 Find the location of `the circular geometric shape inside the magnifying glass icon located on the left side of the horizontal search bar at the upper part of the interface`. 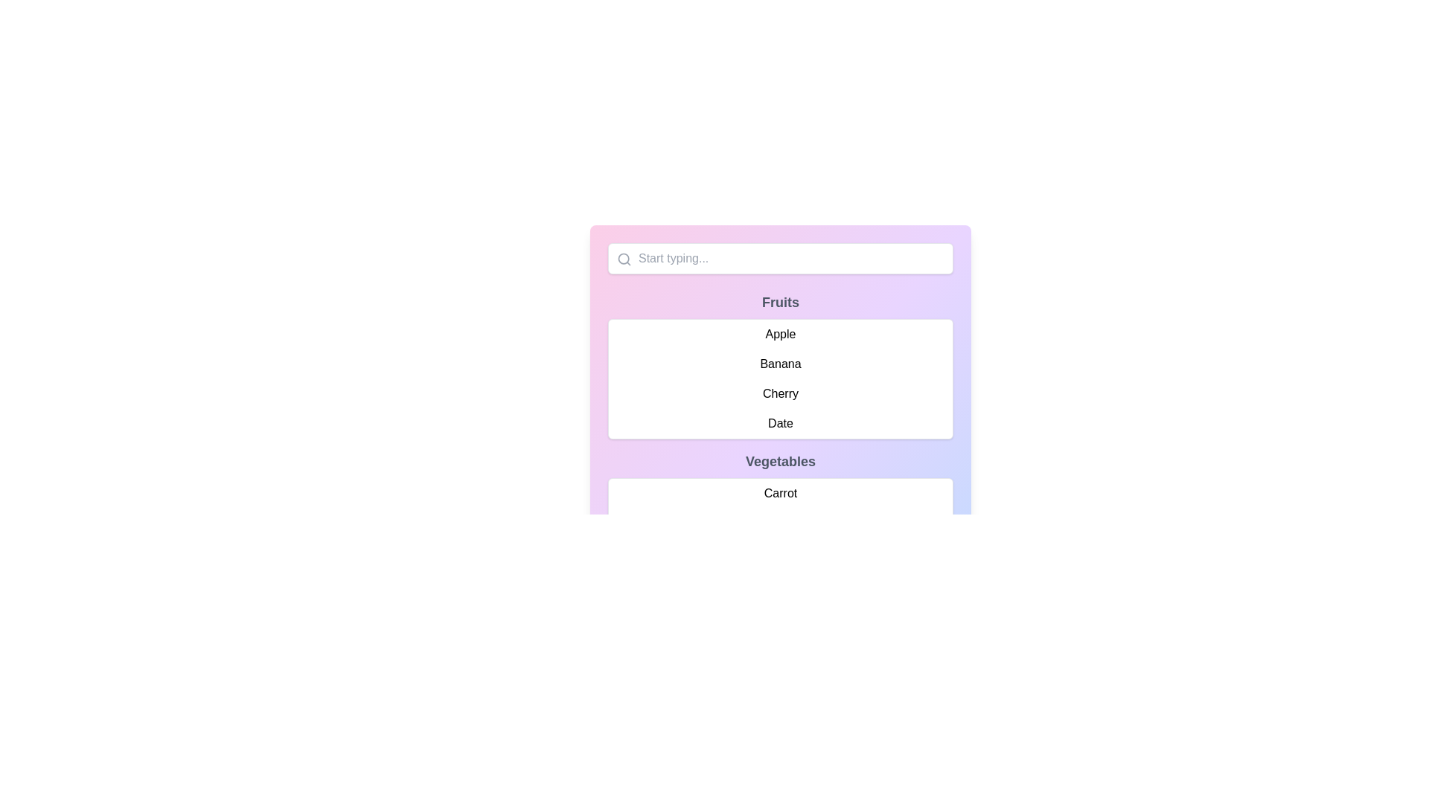

the circular geometric shape inside the magnifying glass icon located on the left side of the horizontal search bar at the upper part of the interface is located at coordinates (624, 258).